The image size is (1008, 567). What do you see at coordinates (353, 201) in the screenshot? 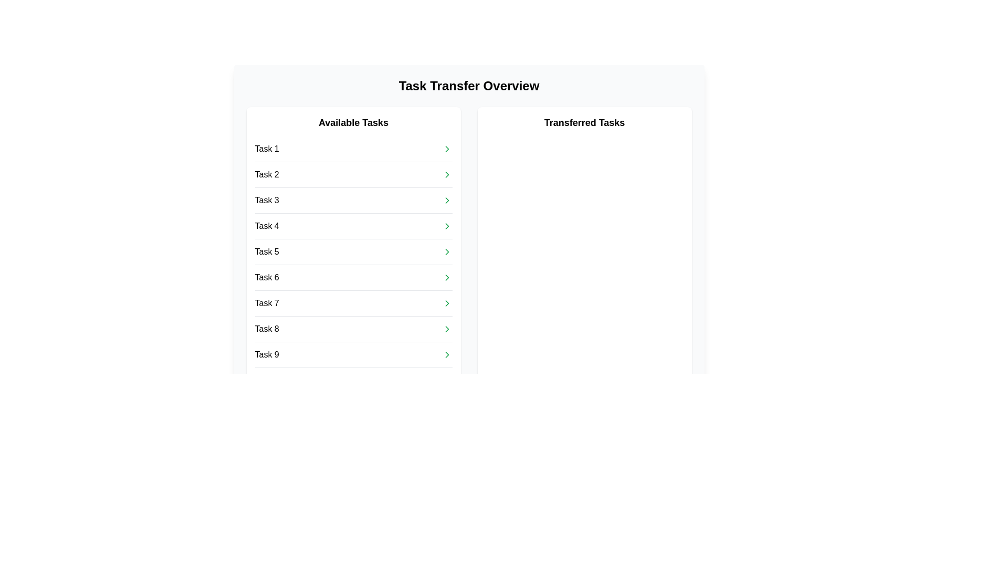
I see `the selectable item for 'Task 3' in the task list located in the left pane under 'Available Tasks'` at bounding box center [353, 201].